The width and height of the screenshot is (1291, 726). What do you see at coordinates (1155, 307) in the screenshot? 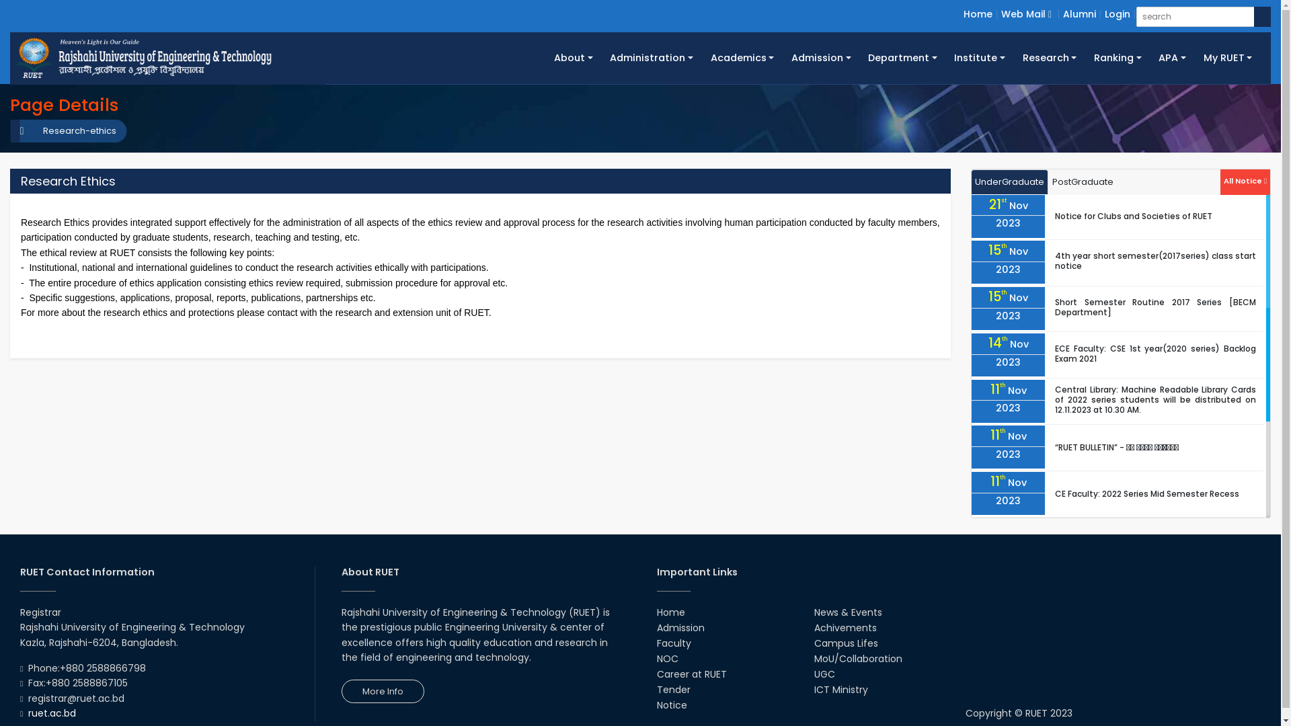
I see `'Short Semester Routine 2017 Series [BECM Department]'` at bounding box center [1155, 307].